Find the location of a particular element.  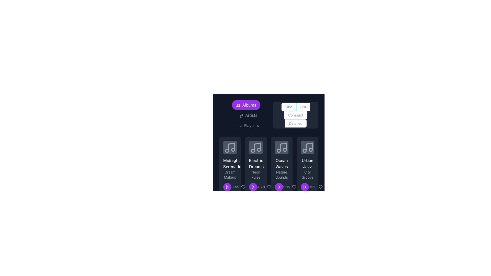

the second circular graphical element located in the upper right corner of the 'Urban Jazz' icon card is located at coordinates (304, 150).